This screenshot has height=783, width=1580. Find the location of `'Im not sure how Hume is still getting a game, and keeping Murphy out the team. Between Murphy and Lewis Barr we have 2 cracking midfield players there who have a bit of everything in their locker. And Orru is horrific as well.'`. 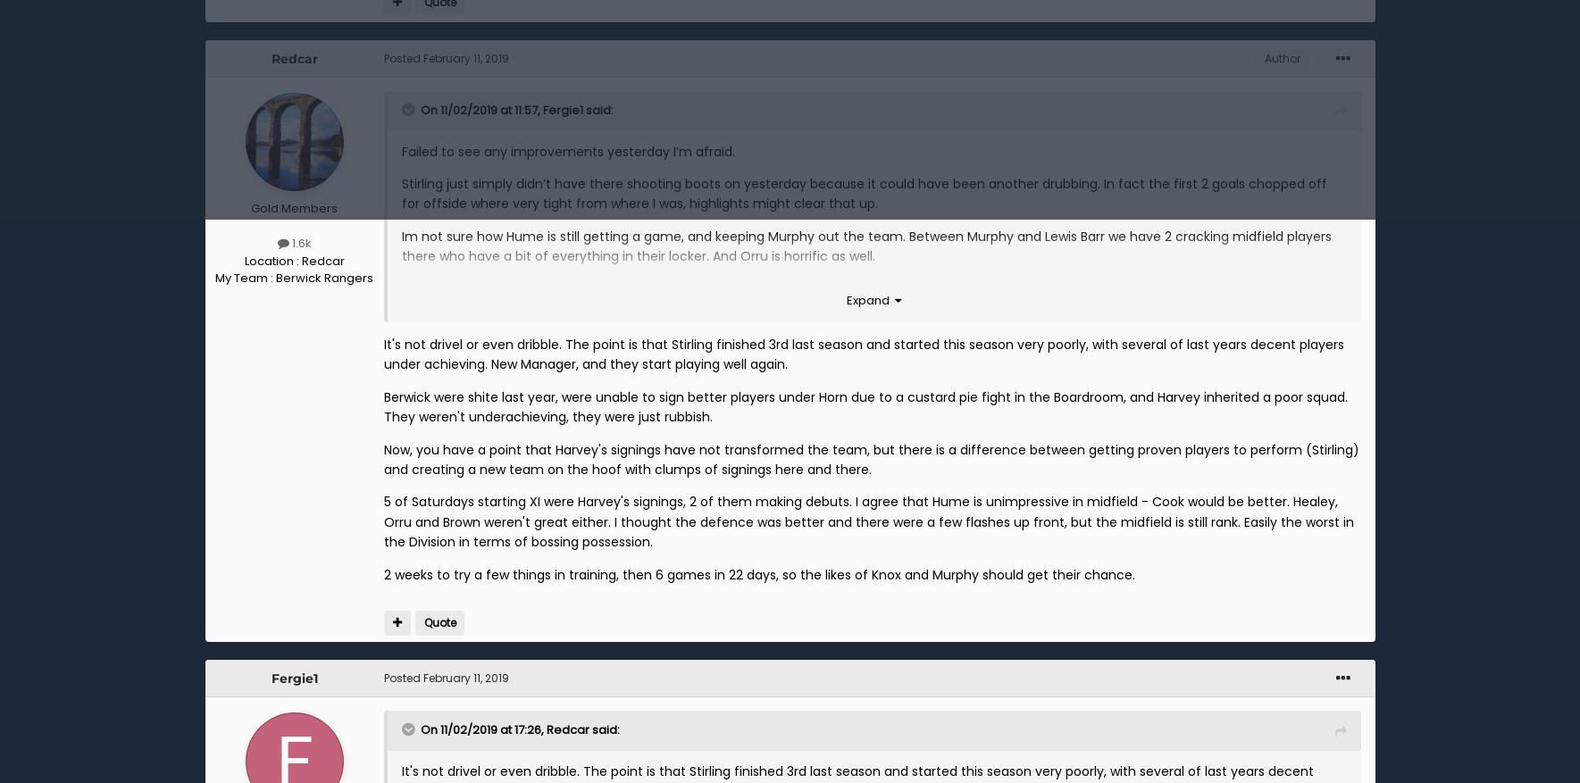

'Im not sure how Hume is still getting a game, and keeping Murphy out the team. Between Murphy and Lewis Barr we have 2 cracking midfield players there who have a bit of everything in their locker. And Orru is horrific as well.' is located at coordinates (865, 246).